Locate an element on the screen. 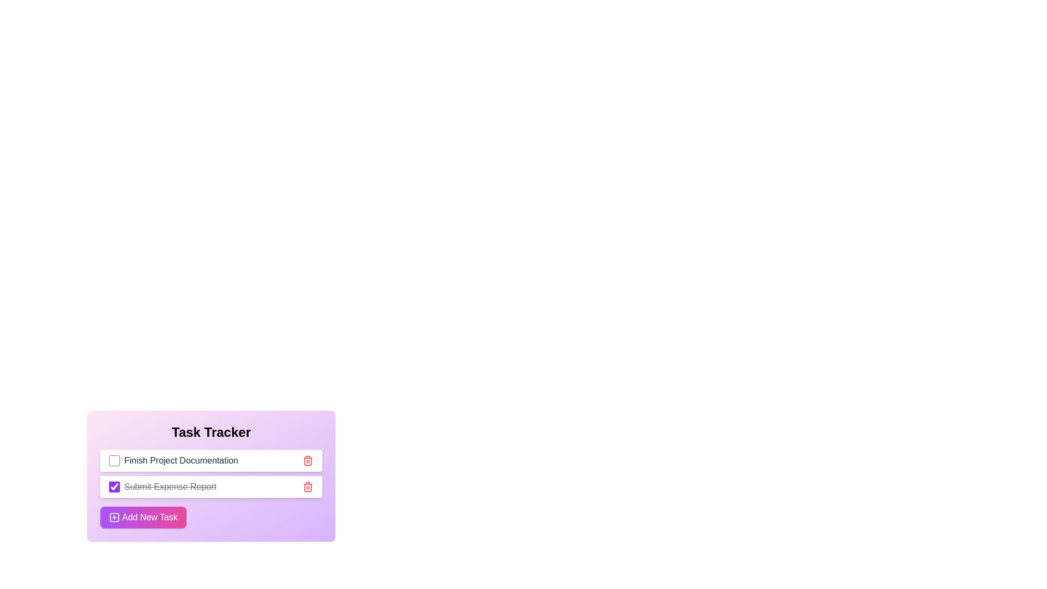 The height and width of the screenshot is (589, 1047). the small icon resembling a square with a plus sign, which is part of the 'Add New Task' button located at the bottom of the layout is located at coordinates (115, 516).